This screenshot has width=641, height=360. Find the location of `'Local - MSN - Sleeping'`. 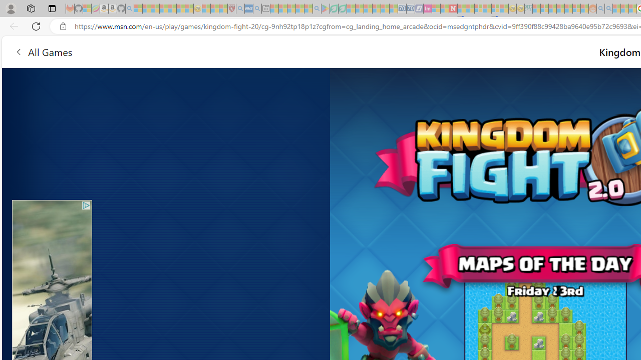

'Local - MSN - Sleeping' is located at coordinates (223, 8).